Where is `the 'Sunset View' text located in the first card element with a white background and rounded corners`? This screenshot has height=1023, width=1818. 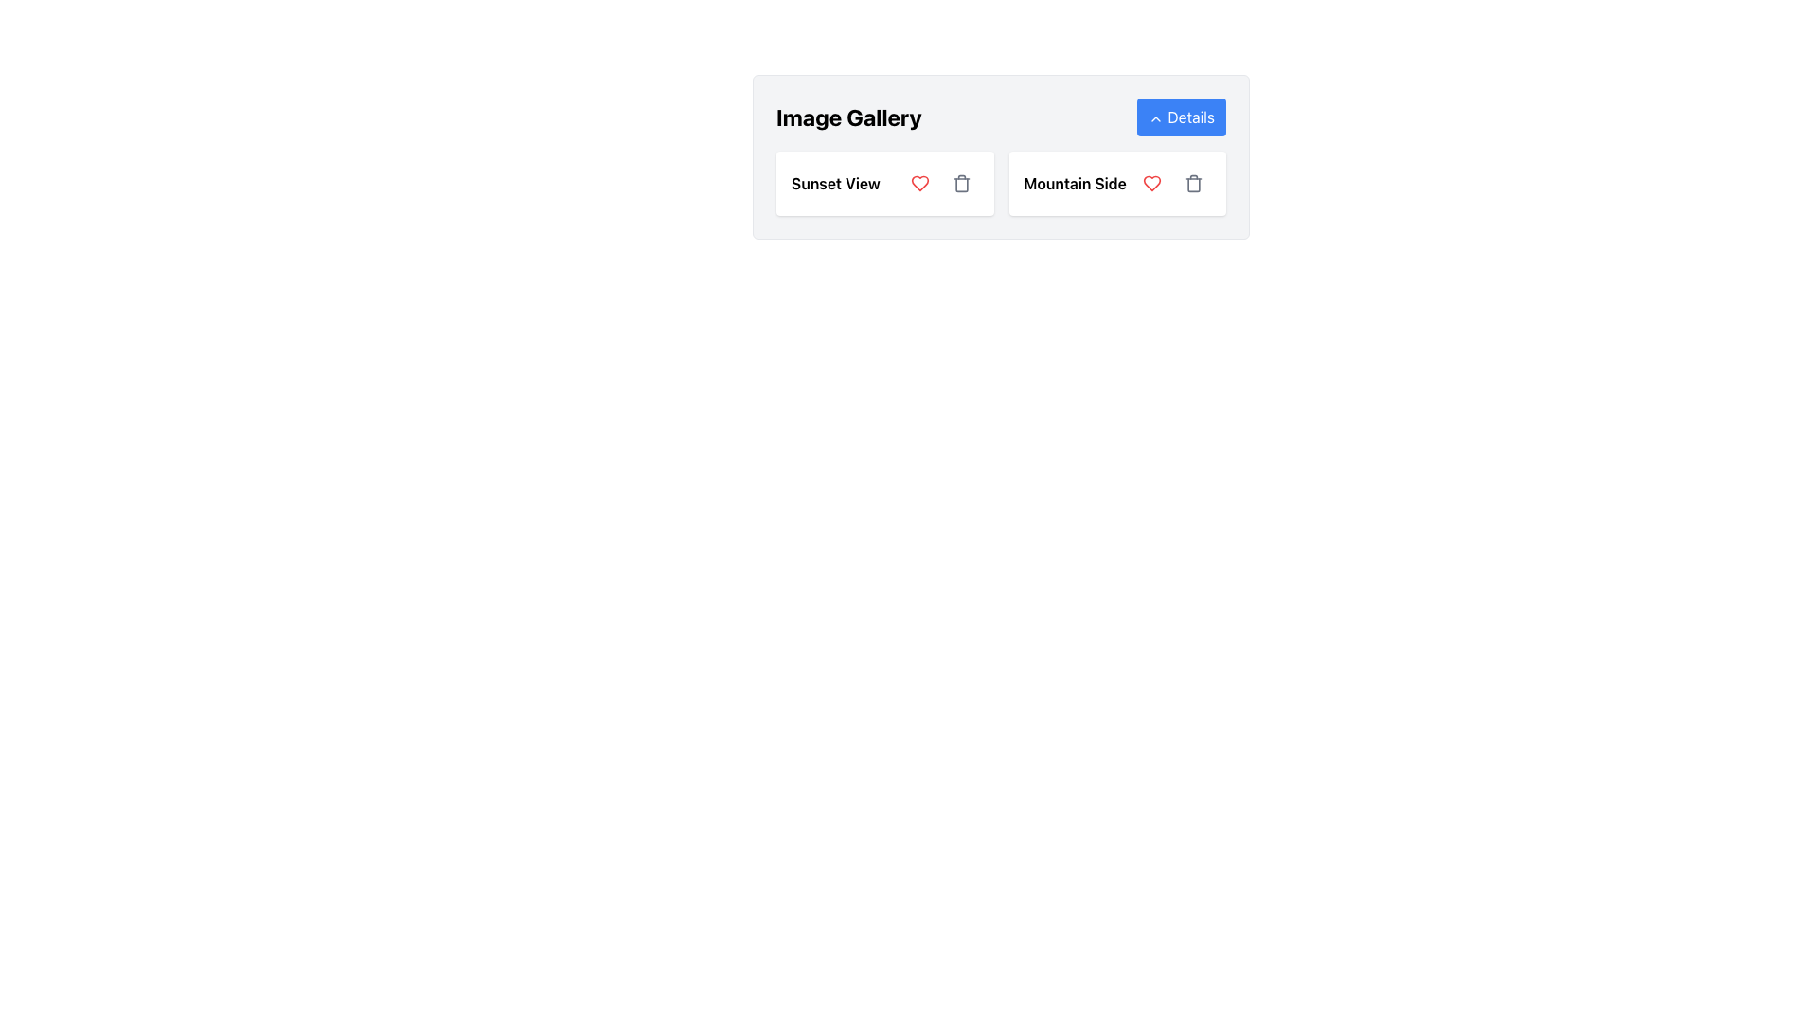
the 'Sunset View' text located in the first card element with a white background and rounded corners is located at coordinates (883, 183).